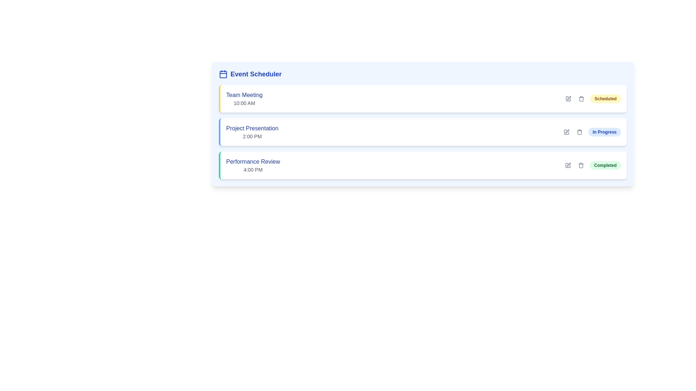  Describe the element at coordinates (592, 99) in the screenshot. I see `the status indicator labeled 'Scheduled' located in the upper-right section of the 'Team Meeting' card, positioned after the edit and delete buttons` at that location.